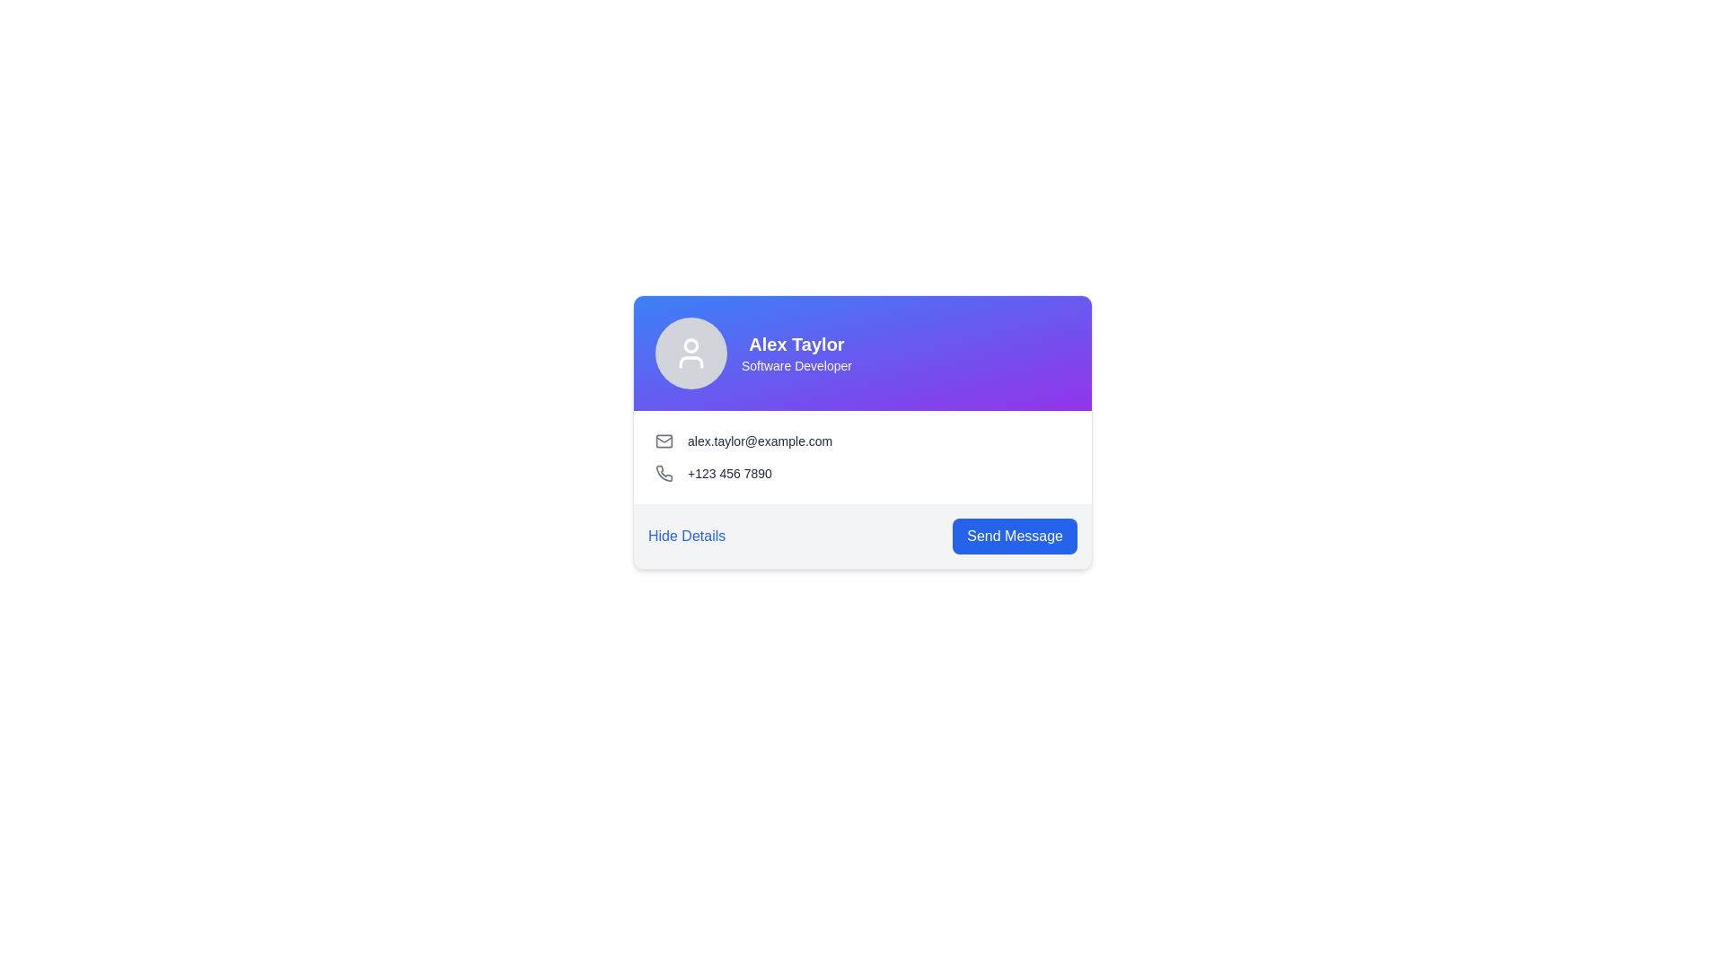 The height and width of the screenshot is (969, 1724). I want to click on the Profile Icon representing the user, which is located in the upper left corner of the card adjacent to the name 'Alex Taylor' and designation 'Software Developer', so click(690, 353).